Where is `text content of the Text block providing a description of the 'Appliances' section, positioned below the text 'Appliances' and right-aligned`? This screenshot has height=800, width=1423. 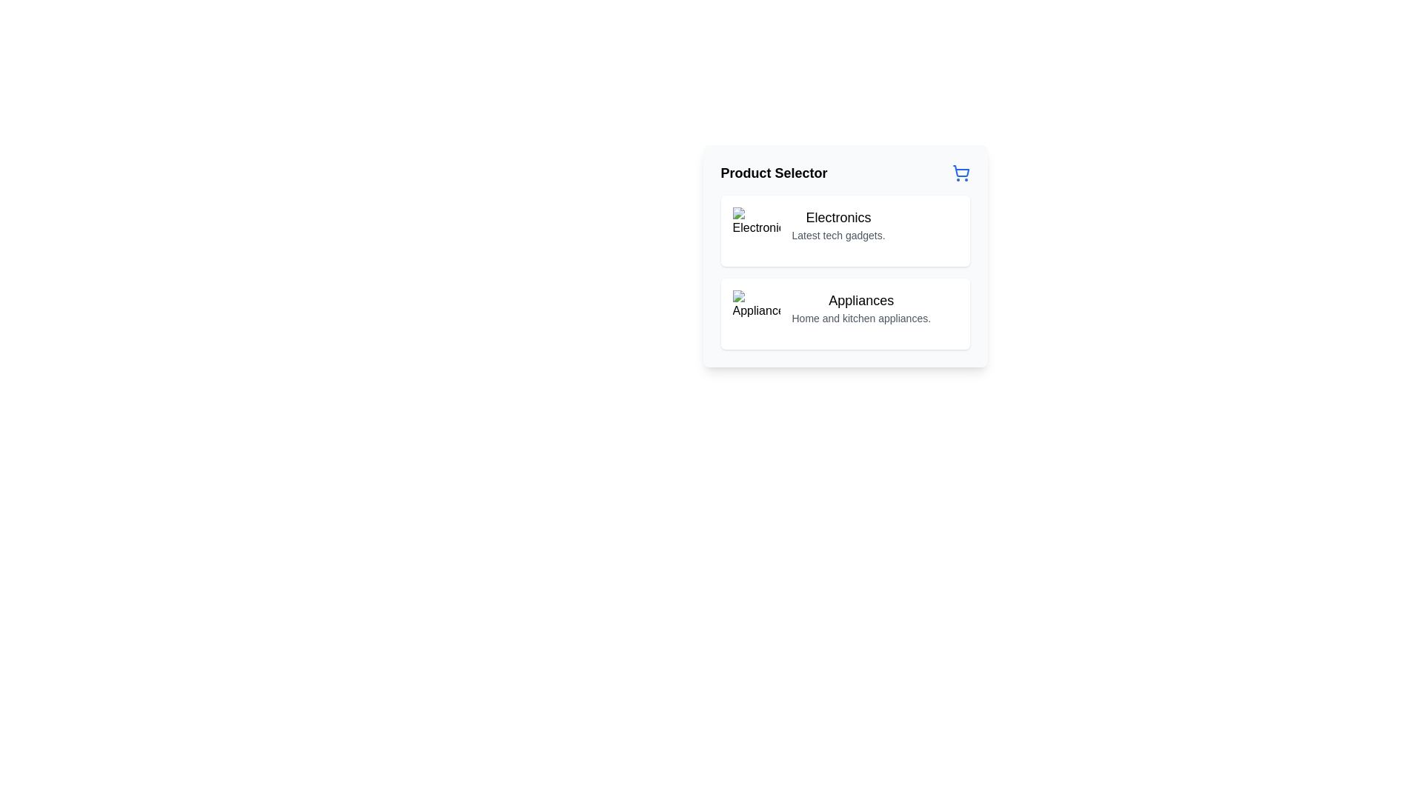 text content of the Text block providing a description of the 'Appliances' section, positioned below the text 'Appliances' and right-aligned is located at coordinates (861, 317).